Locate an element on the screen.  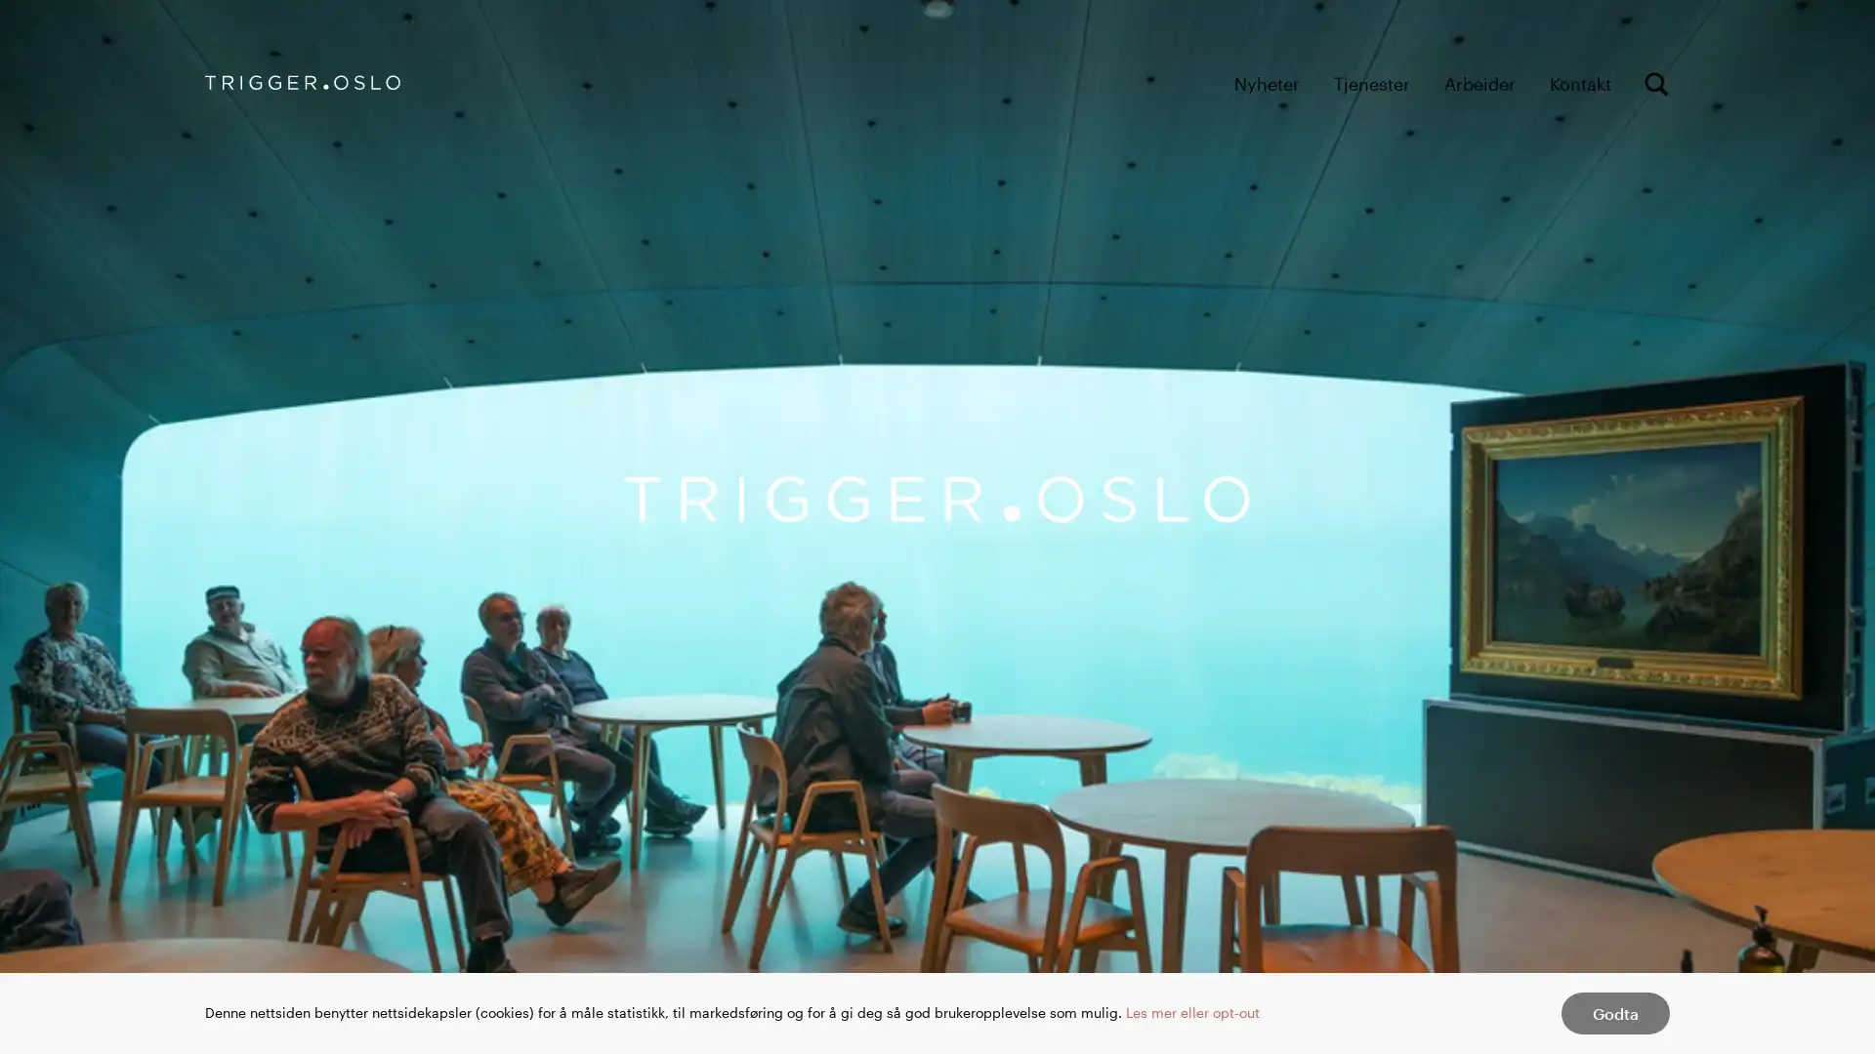
Godta is located at coordinates (1615, 1011).